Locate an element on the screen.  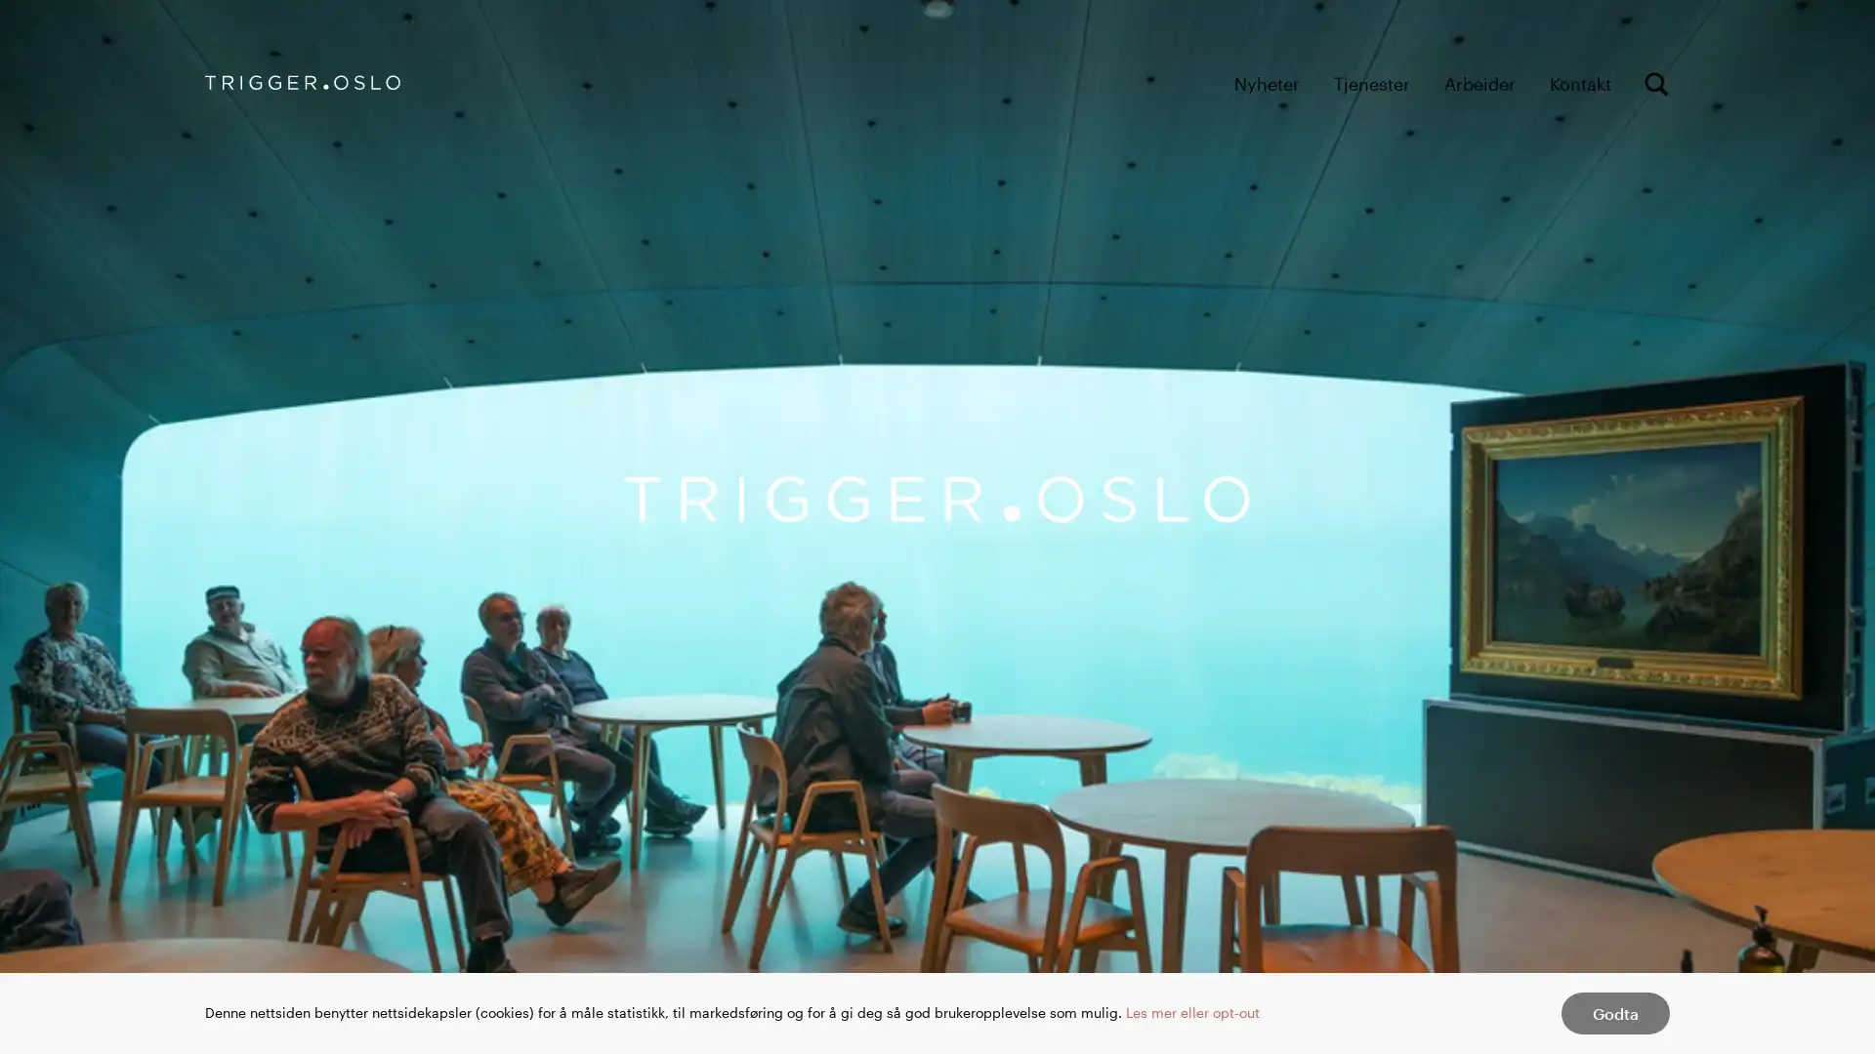
Godta is located at coordinates (1615, 1011).